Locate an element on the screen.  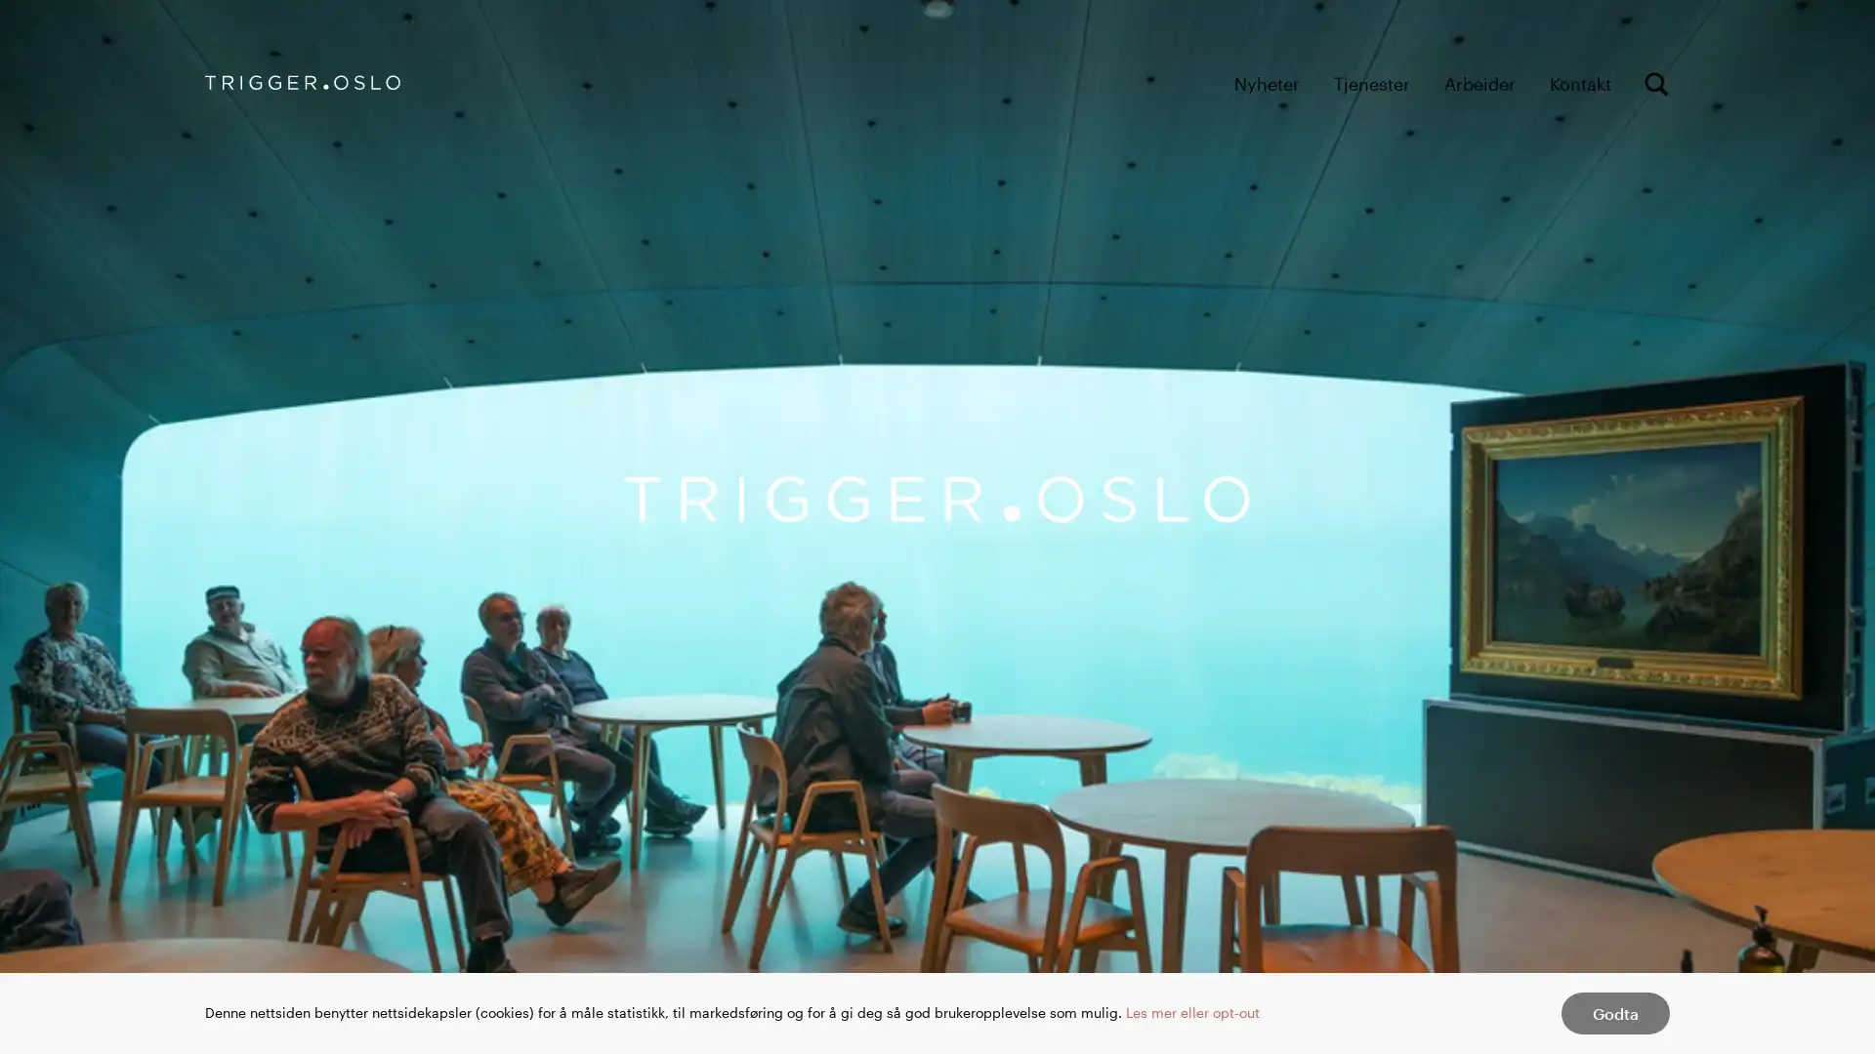
Godta is located at coordinates (1615, 1011).